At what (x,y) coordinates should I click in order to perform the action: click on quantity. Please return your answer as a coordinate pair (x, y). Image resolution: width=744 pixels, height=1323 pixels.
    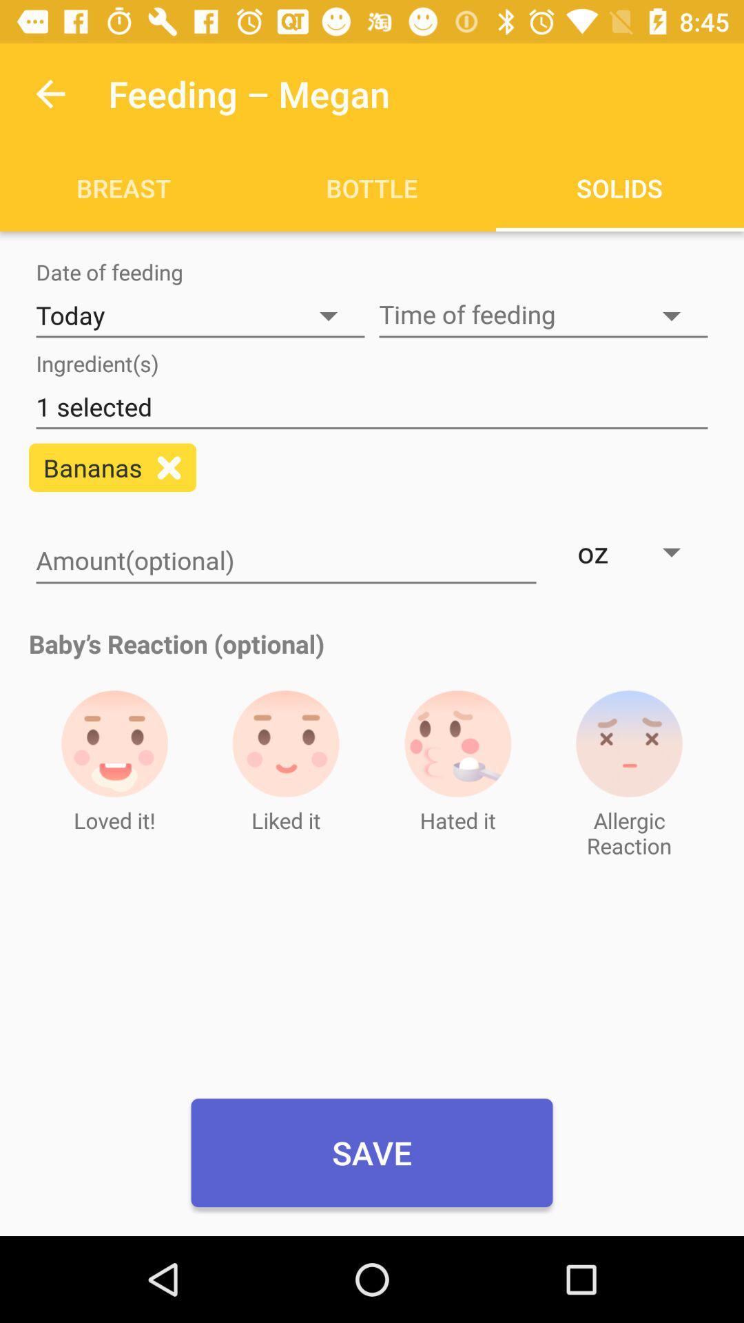
    Looking at the image, I should click on (285, 562).